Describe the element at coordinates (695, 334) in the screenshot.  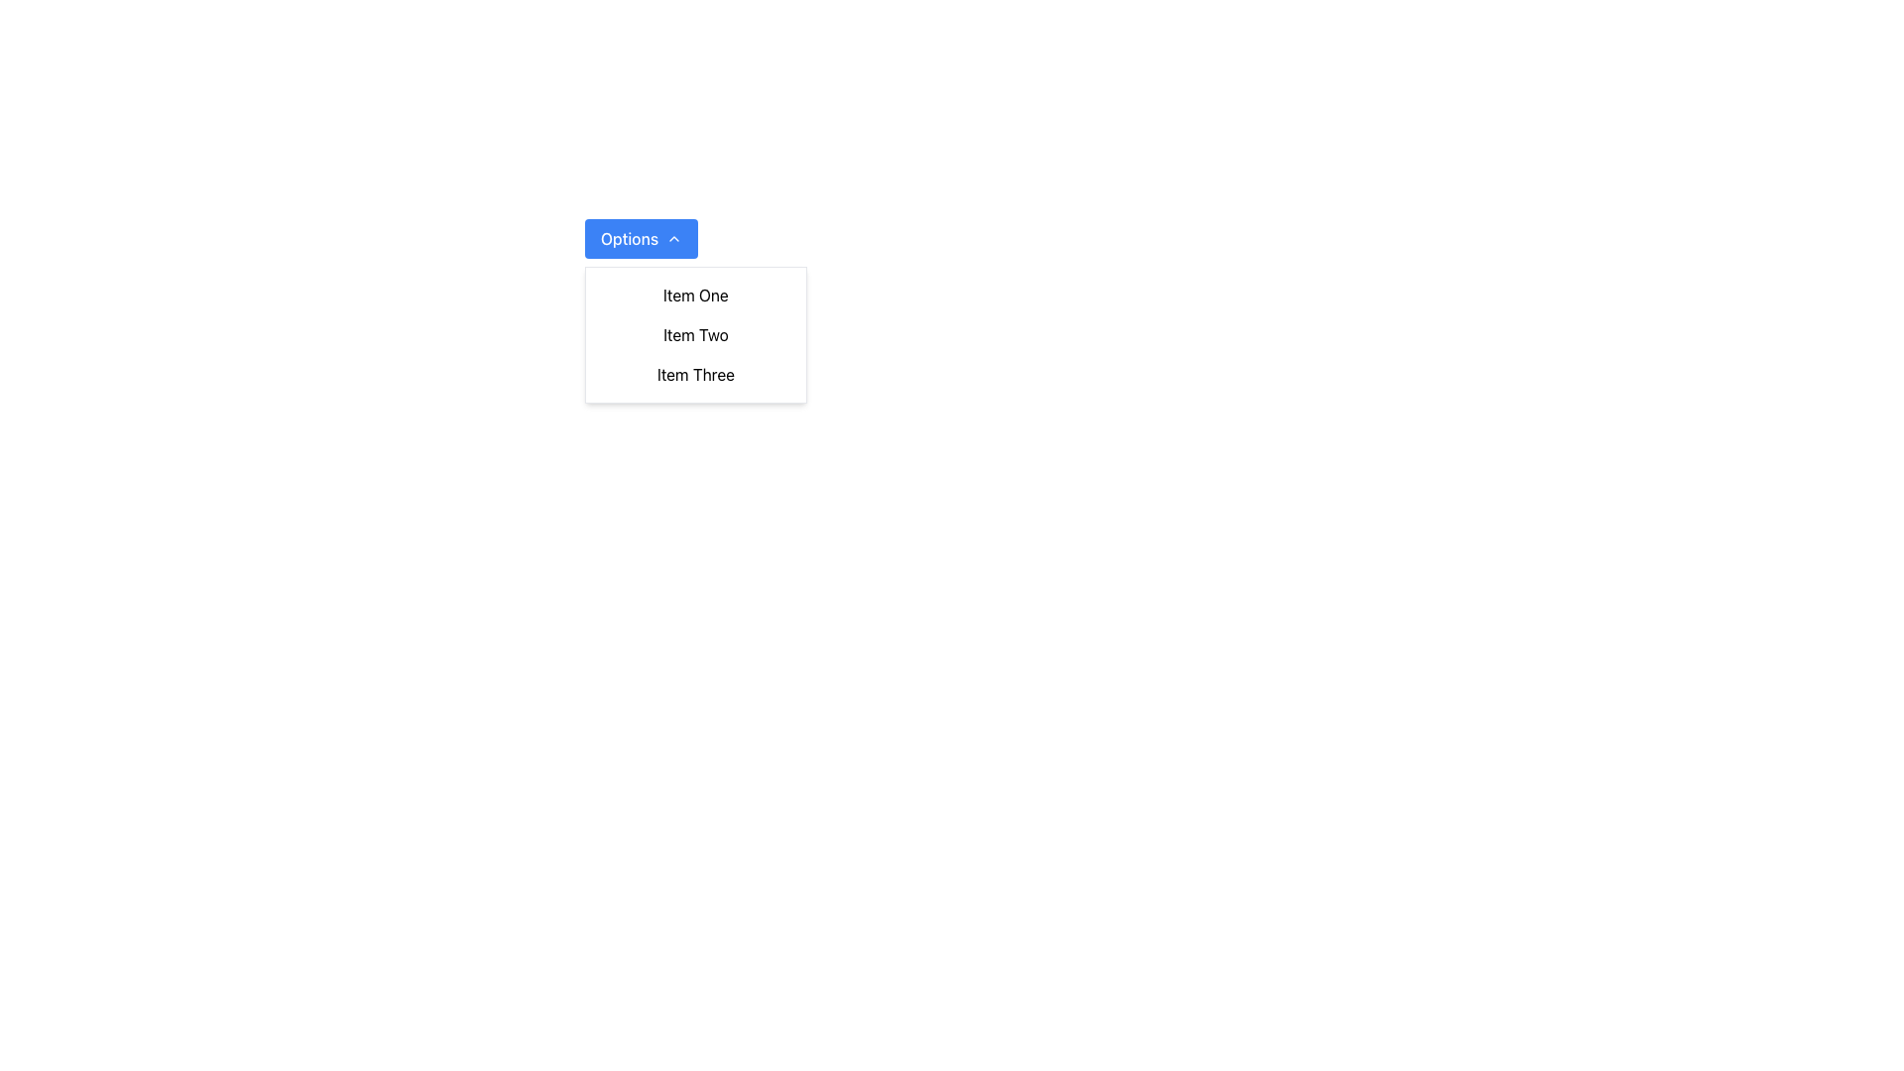
I see `to select or activate the menu item labeled 'Item Two', which is the second item in a vertical stack of options` at that location.